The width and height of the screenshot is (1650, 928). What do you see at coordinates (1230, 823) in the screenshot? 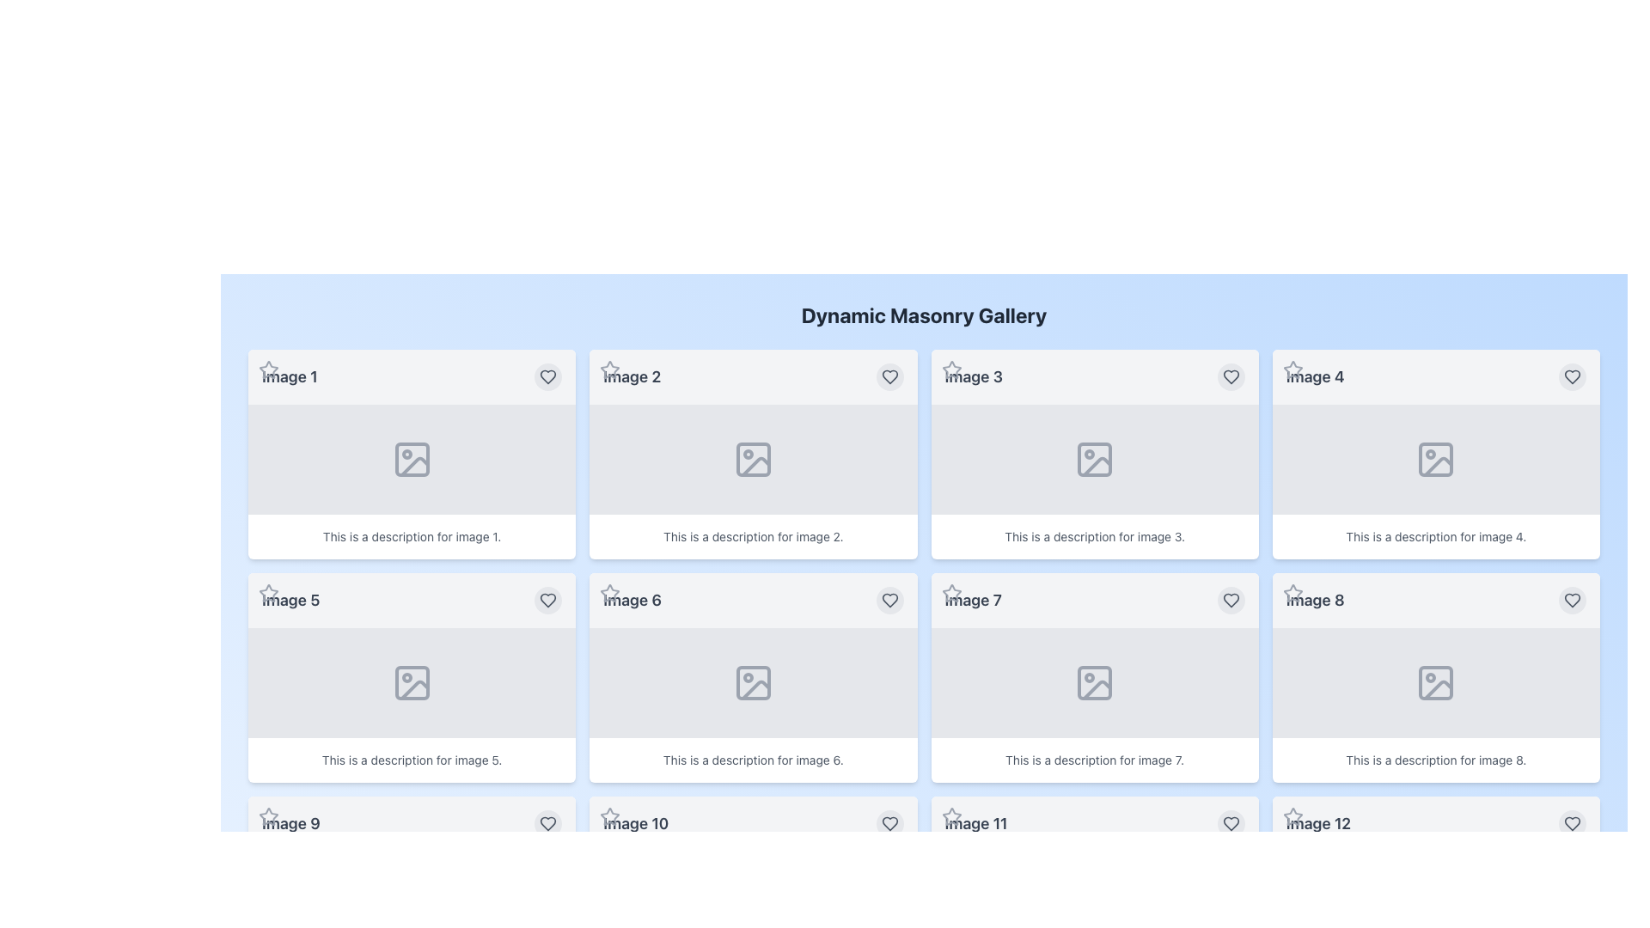
I see `the heart-shaped icon within the circular button located at the bottom-right corner of 'Image 12' in the masonry gallery` at bounding box center [1230, 823].